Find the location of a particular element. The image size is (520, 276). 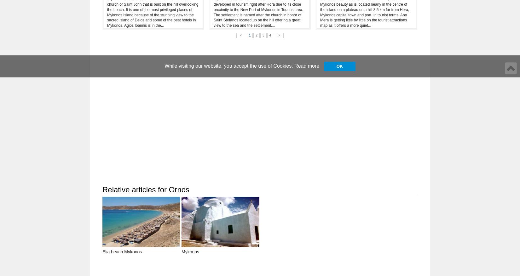

'1' is located at coordinates (249, 35).